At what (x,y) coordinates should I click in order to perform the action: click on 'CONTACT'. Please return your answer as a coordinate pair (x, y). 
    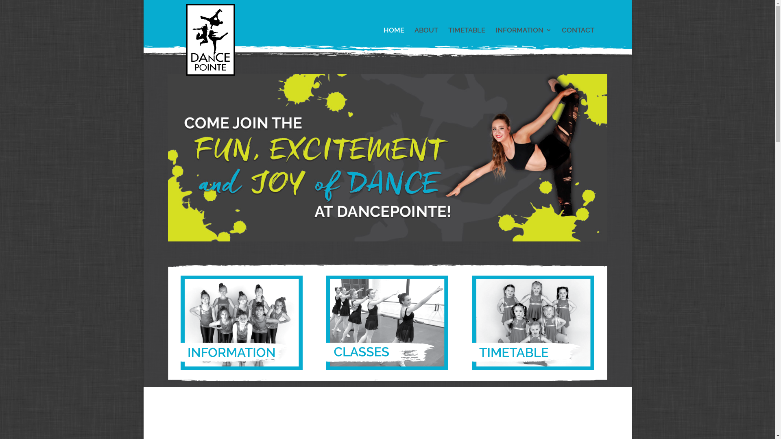
    Looking at the image, I should click on (577, 37).